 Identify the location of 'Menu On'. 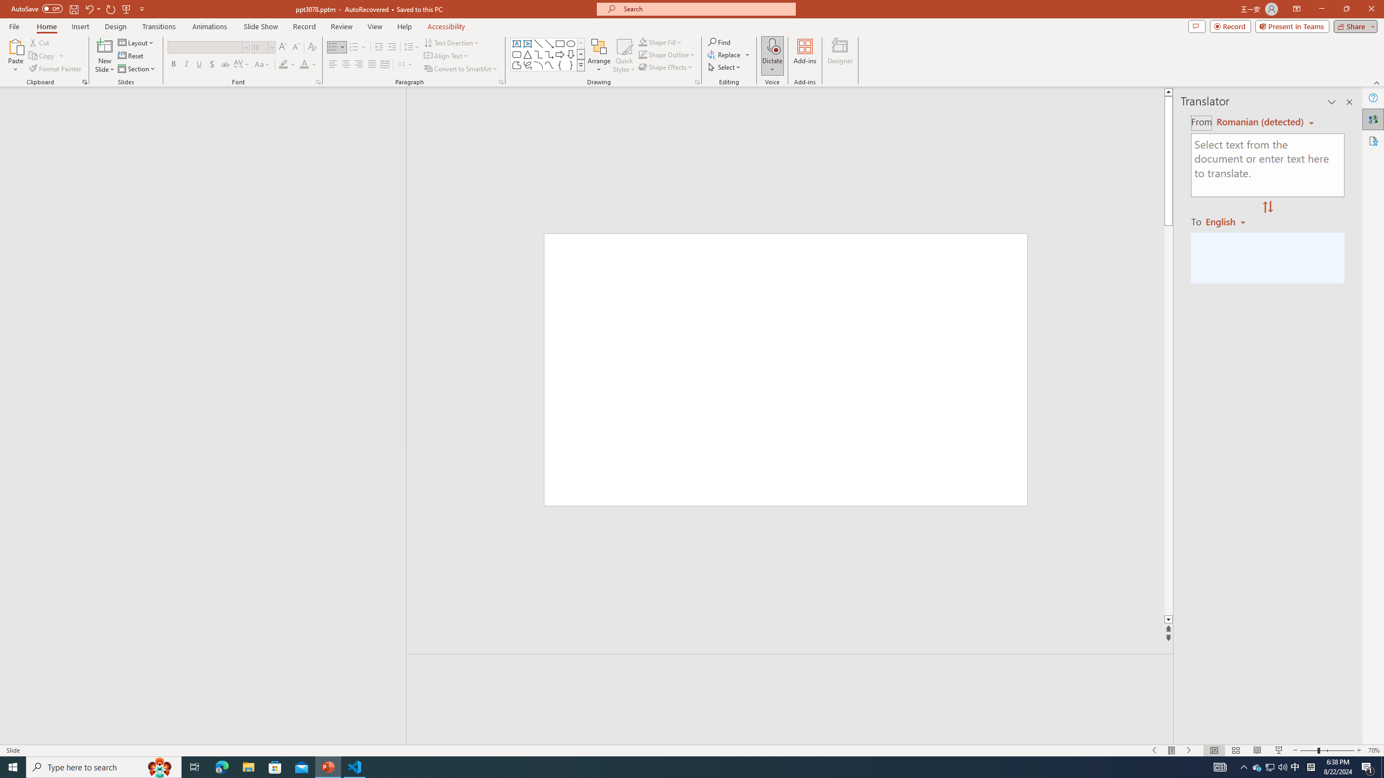
(1172, 750).